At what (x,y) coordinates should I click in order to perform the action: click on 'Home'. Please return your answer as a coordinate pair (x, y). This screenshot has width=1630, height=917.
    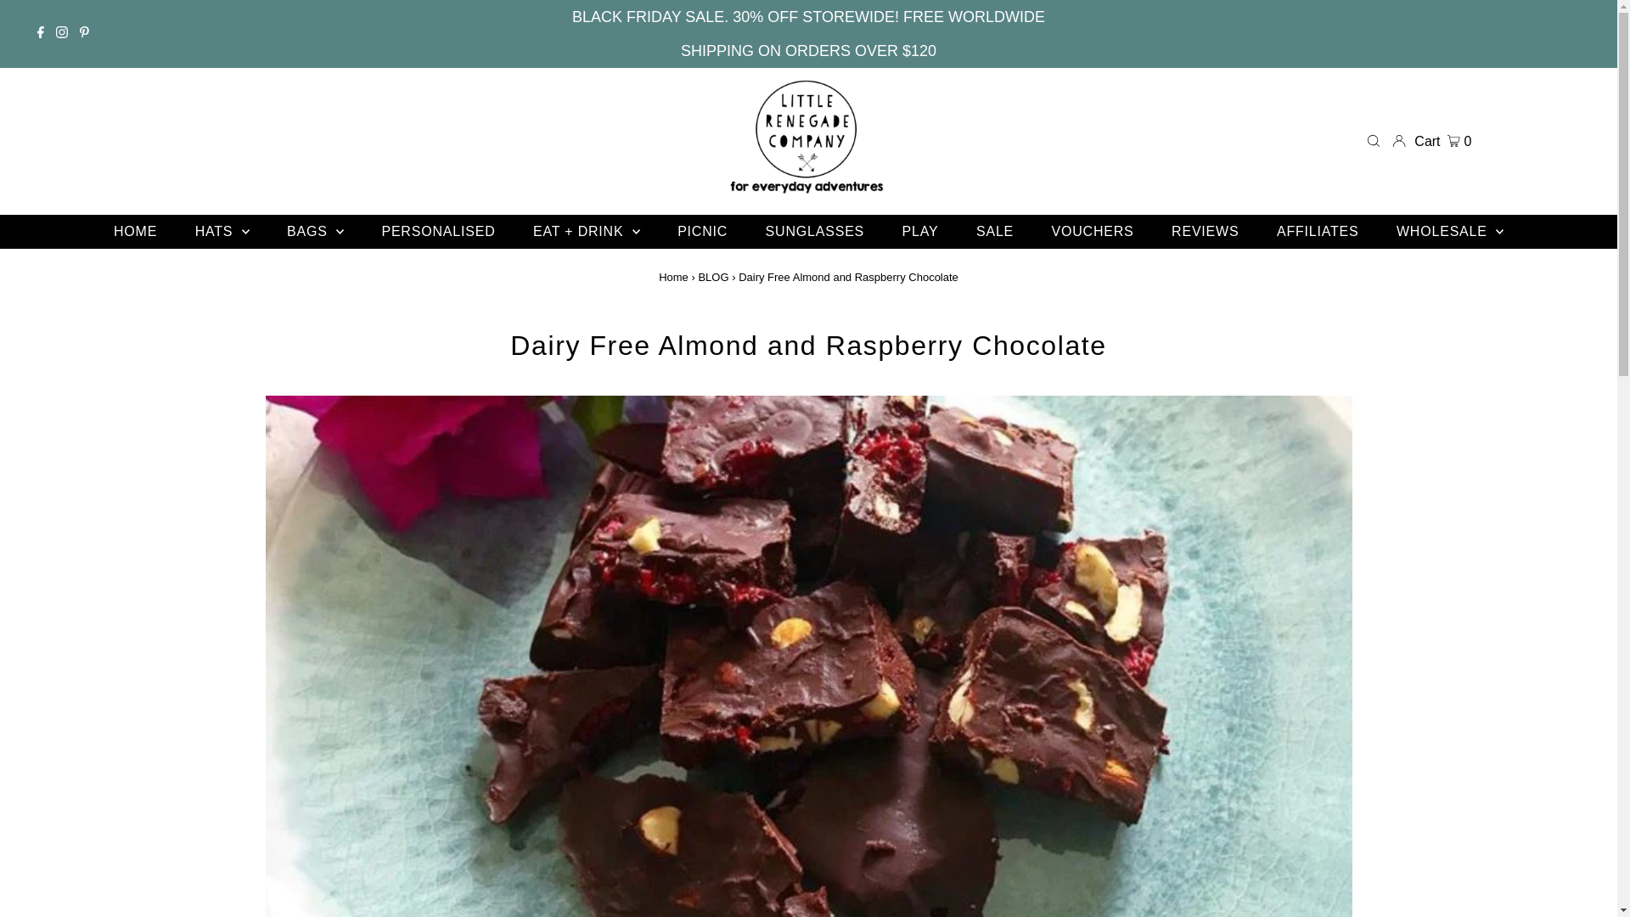
    Looking at the image, I should click on (672, 276).